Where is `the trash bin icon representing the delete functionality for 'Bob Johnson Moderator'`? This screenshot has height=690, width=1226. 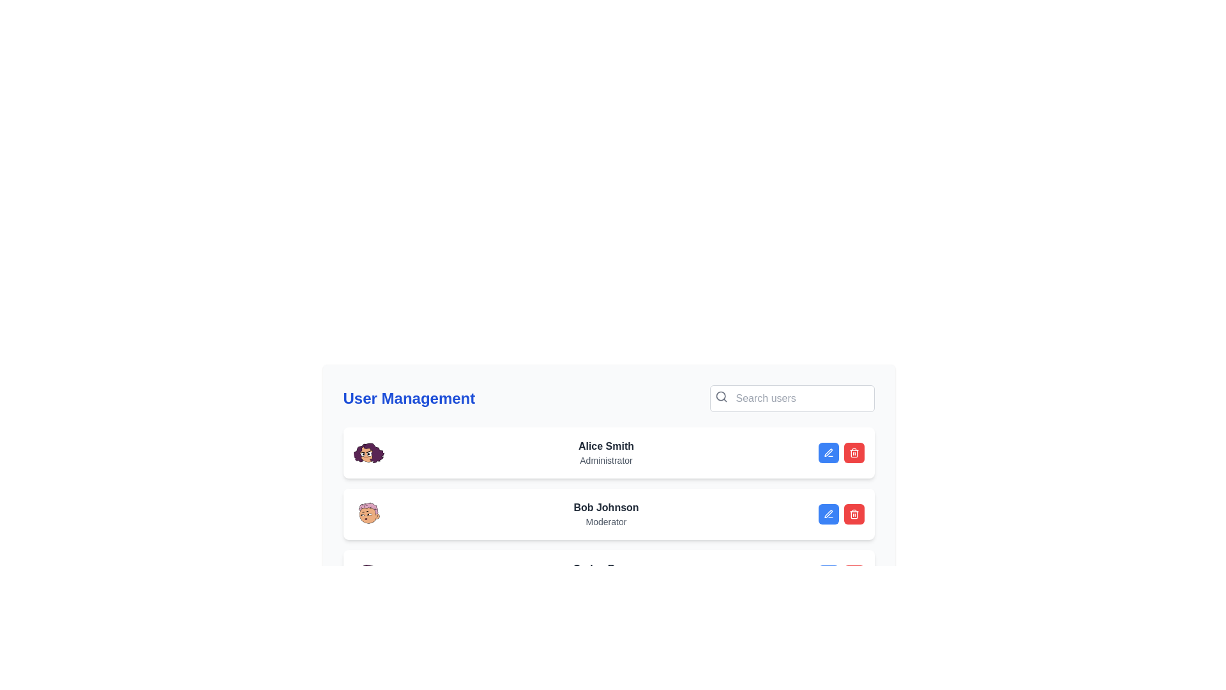 the trash bin icon representing the delete functionality for 'Bob Johnson Moderator' is located at coordinates (854, 453).